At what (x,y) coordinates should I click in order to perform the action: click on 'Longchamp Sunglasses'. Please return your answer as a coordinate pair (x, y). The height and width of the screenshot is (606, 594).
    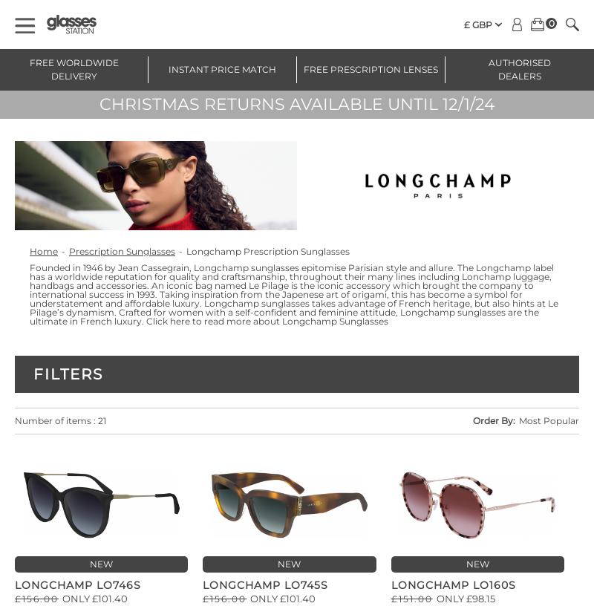
    Looking at the image, I should click on (334, 320).